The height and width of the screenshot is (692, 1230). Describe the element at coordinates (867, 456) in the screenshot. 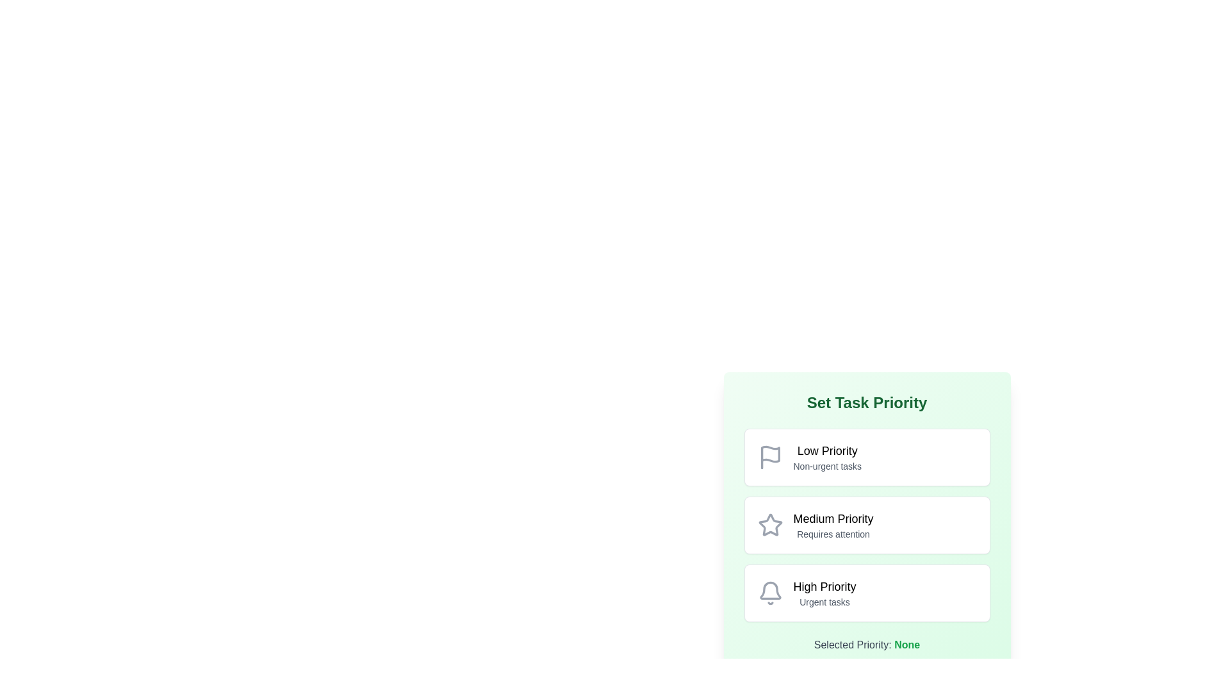

I see `the 'Low Priority' card in the task prioritization options, which is the first card in a vertical list of three options labeled 'Set Task Priority'` at that location.